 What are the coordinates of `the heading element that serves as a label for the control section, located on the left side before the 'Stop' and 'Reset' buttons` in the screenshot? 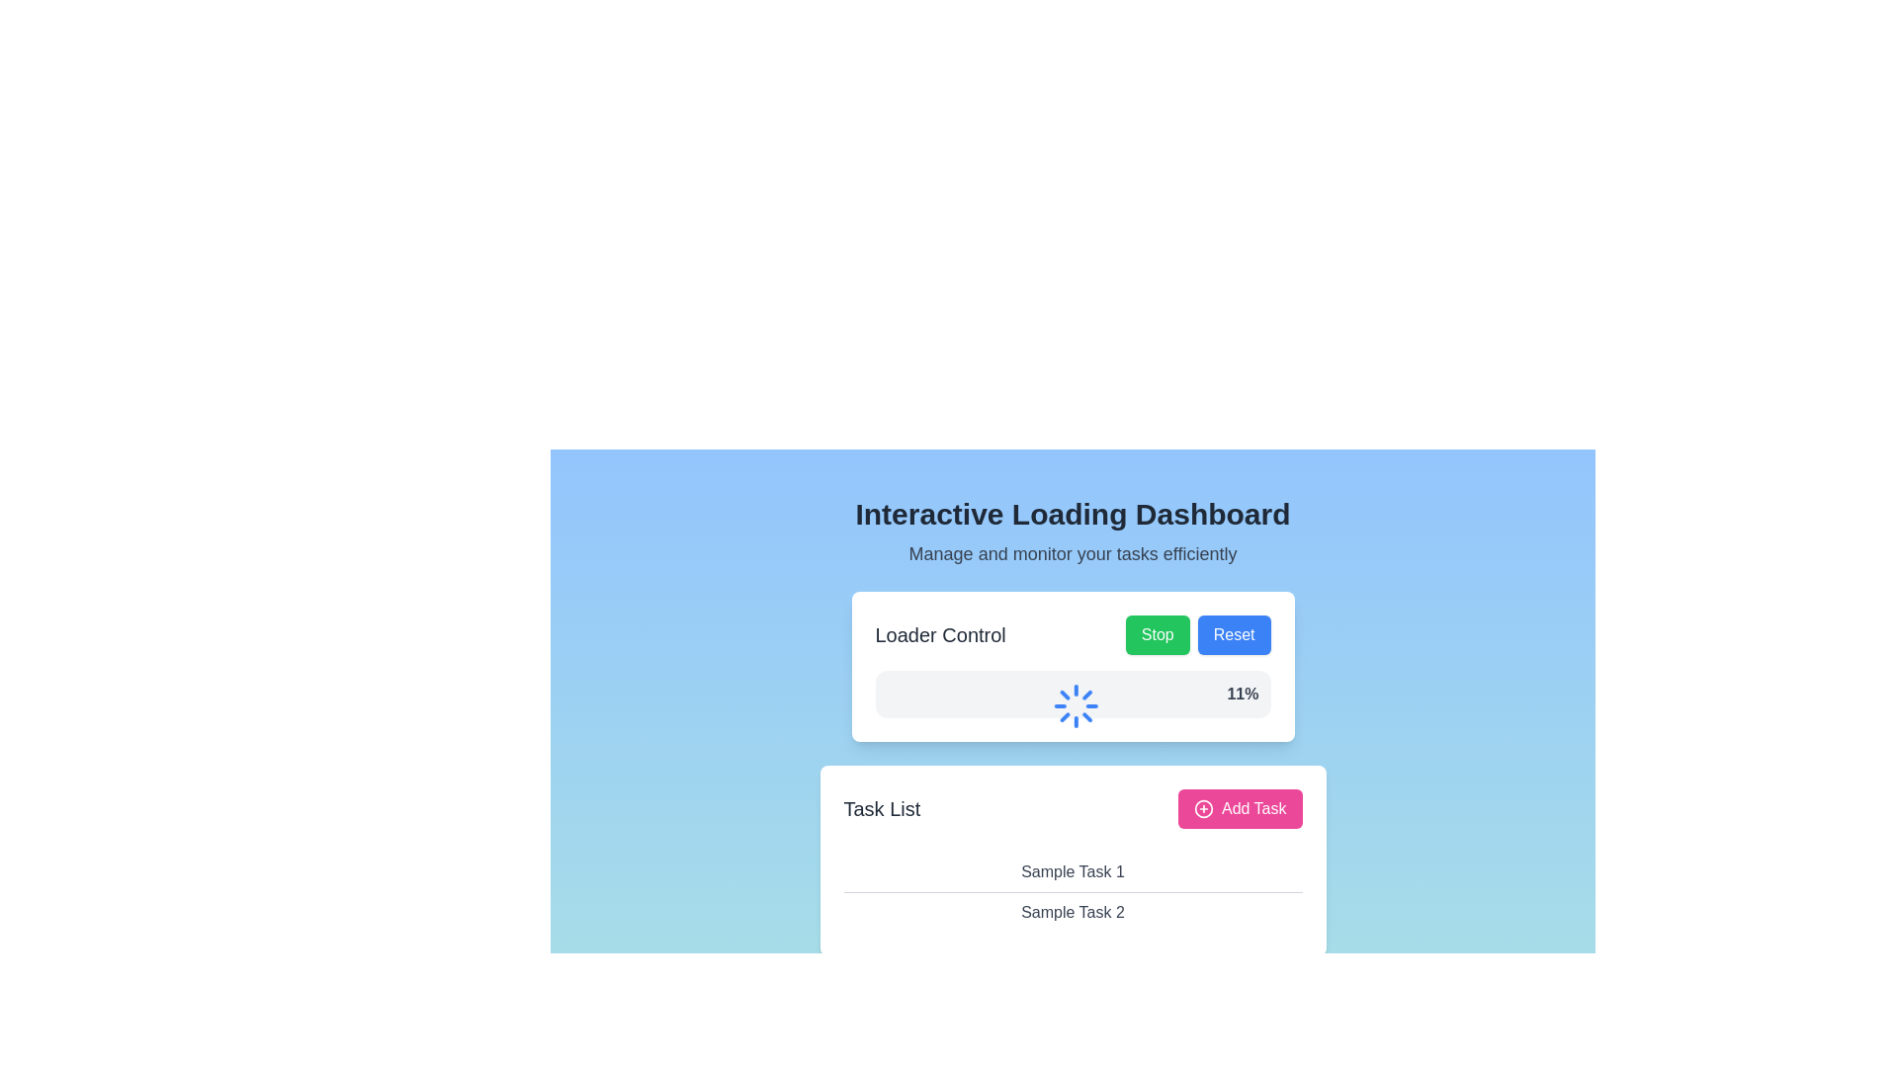 It's located at (939, 635).